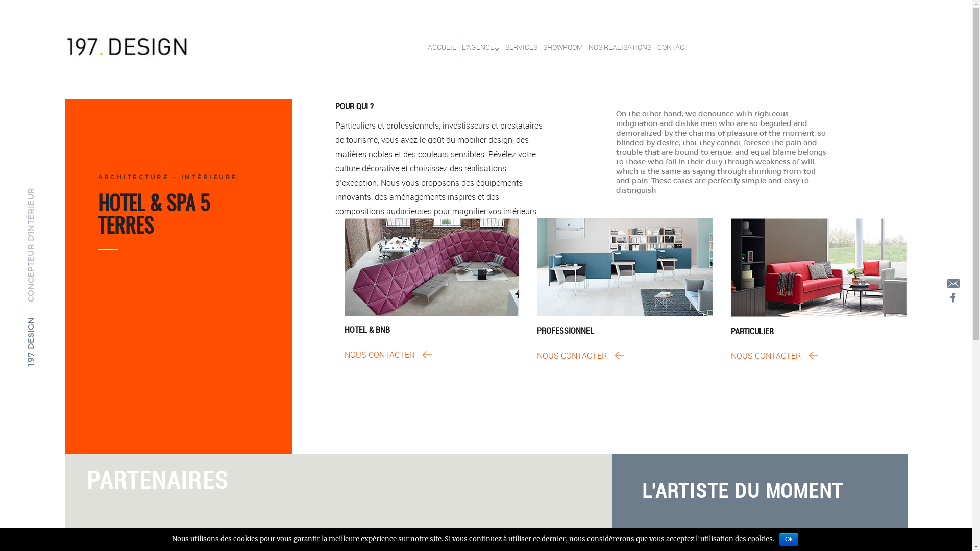 The width and height of the screenshot is (980, 551). Describe the element at coordinates (788, 538) in the screenshot. I see `'Ok'` at that location.